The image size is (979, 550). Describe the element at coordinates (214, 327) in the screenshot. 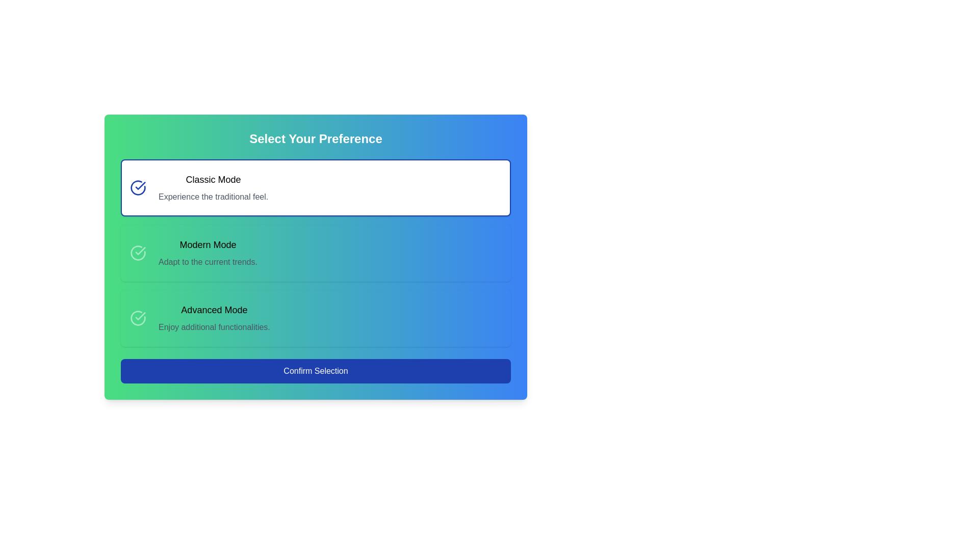

I see `the descriptive text label for the 'Advanced Mode' option, which is located beneath the 'Advanced Mode' heading in the third option block` at that location.